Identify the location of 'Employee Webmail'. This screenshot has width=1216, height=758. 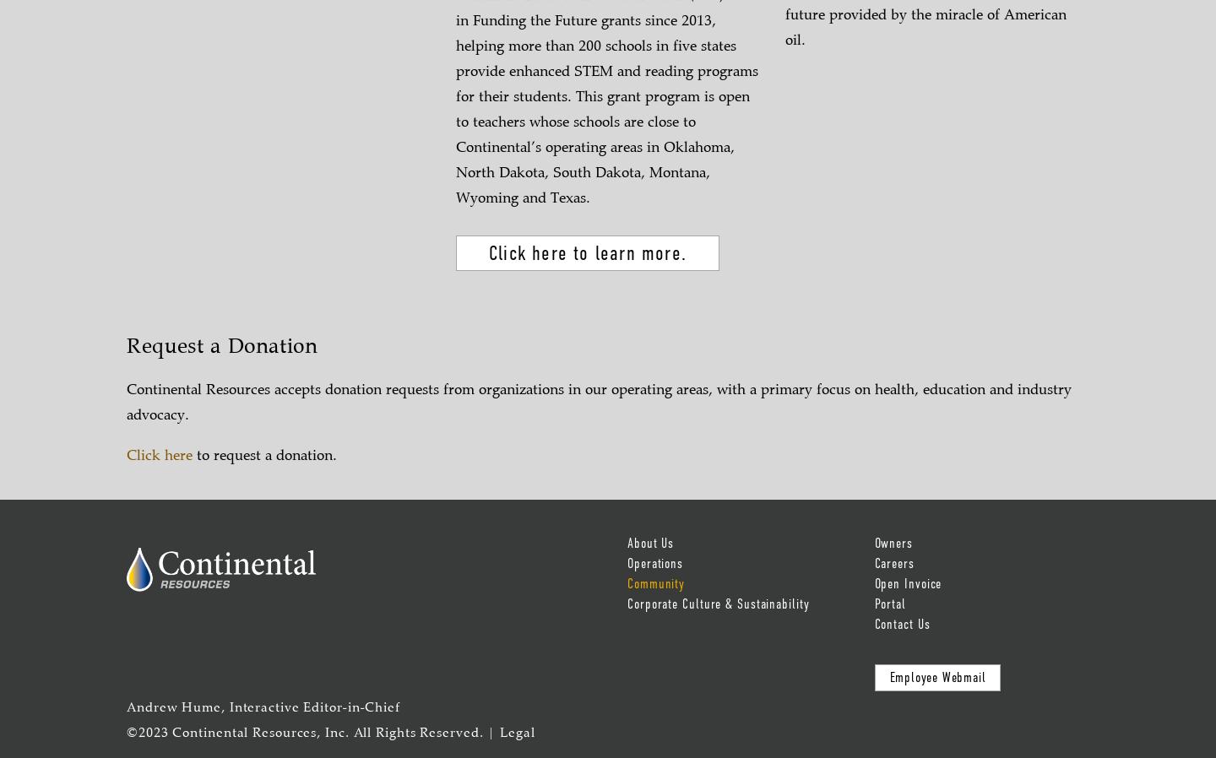
(936, 677).